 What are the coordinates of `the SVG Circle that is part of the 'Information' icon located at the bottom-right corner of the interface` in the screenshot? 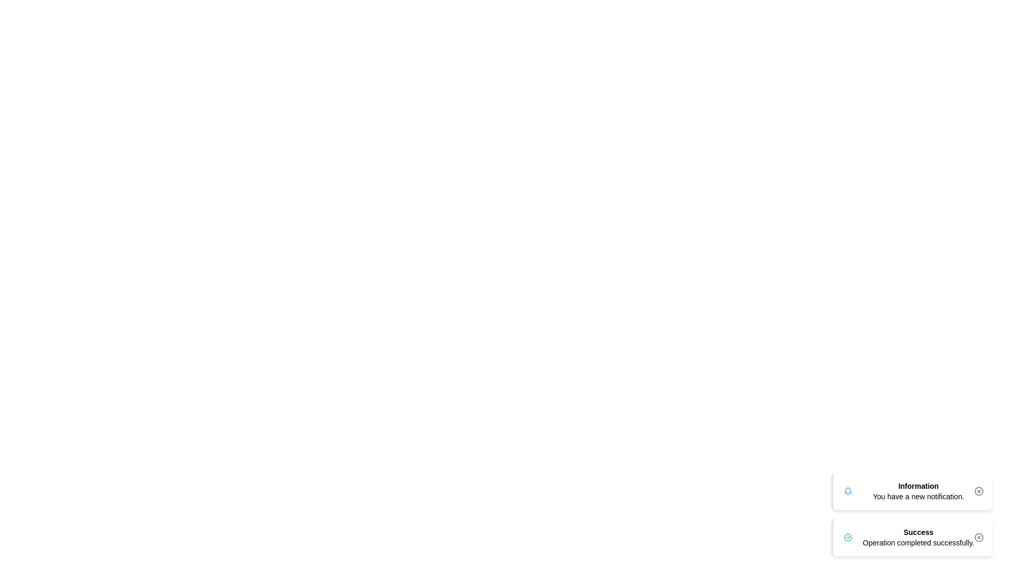 It's located at (978, 491).